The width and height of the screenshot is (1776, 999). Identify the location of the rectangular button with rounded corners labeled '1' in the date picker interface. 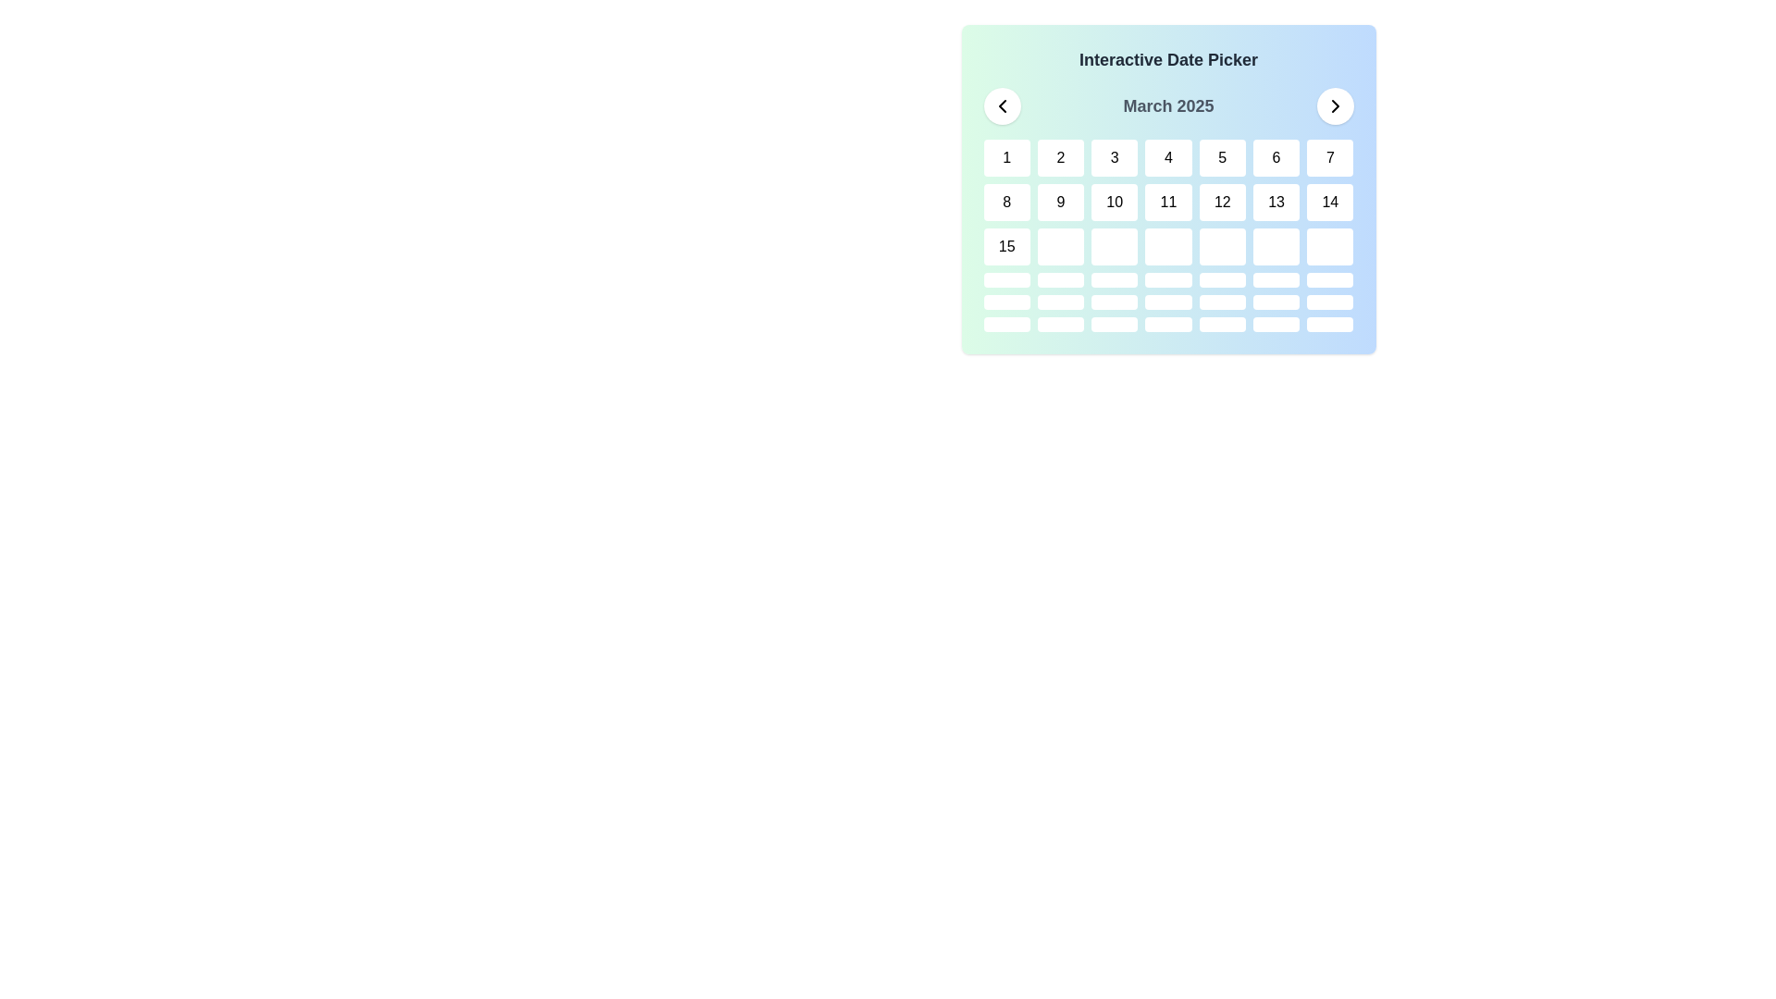
(1005, 156).